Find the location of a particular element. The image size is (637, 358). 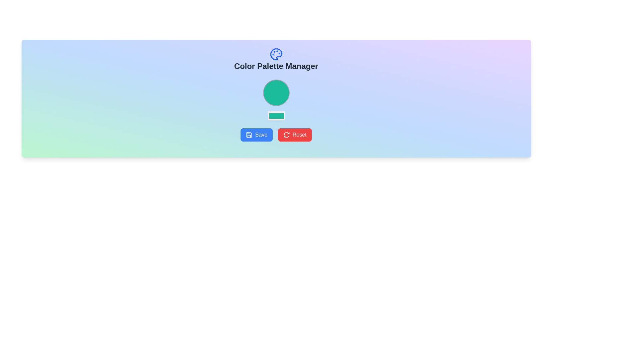

the refresh icon which is a circular arrow motif in white on a red background, located inside the red 'Reset' button next to the 'Reset' label is located at coordinates (286, 135).